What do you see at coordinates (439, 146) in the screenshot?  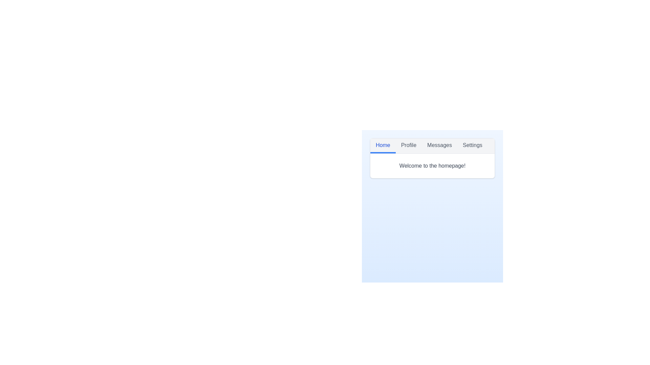 I see `the 'Messages' tab in the horizontal navigation menu` at bounding box center [439, 146].